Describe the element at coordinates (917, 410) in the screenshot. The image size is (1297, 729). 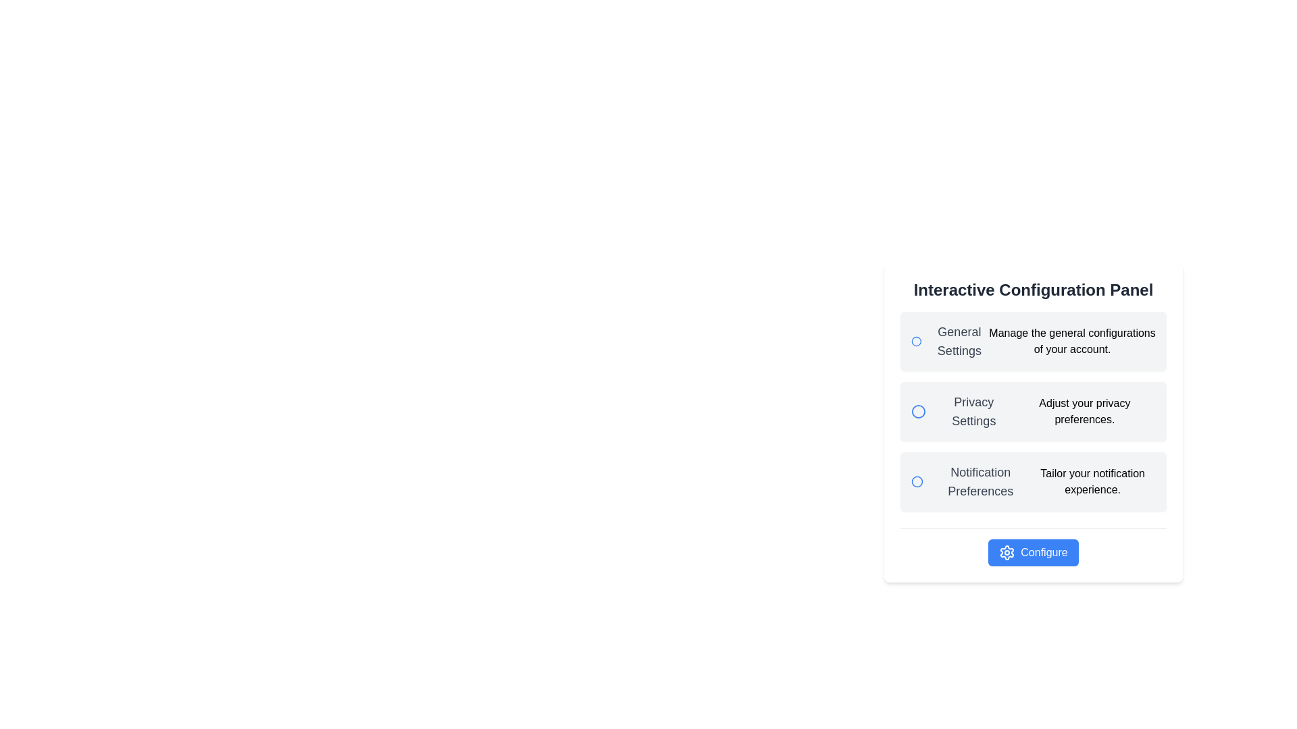
I see `the blue-bordered circle graphic next to the 'Privacy Settings' text in the second row of the configuration panel` at that location.